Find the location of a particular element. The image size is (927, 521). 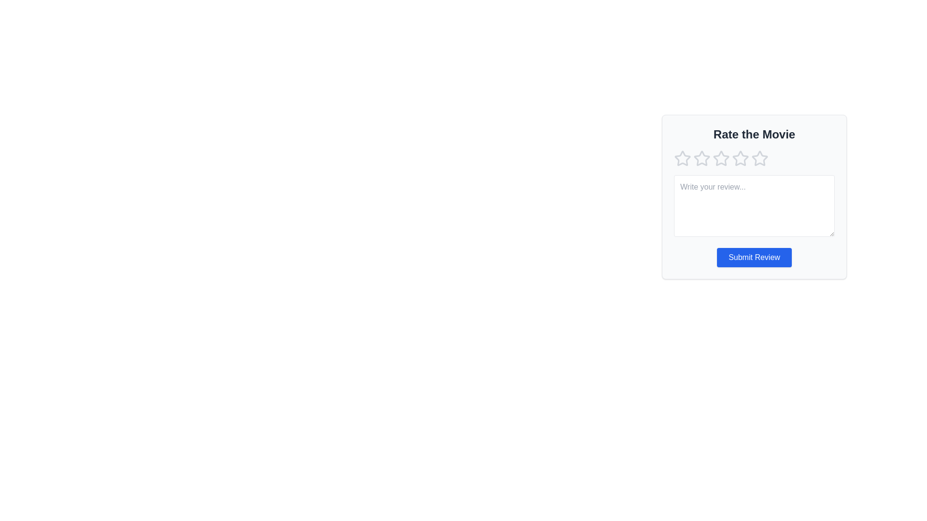

the star rating to 1 by clicking on the corresponding star is located at coordinates (682, 158).